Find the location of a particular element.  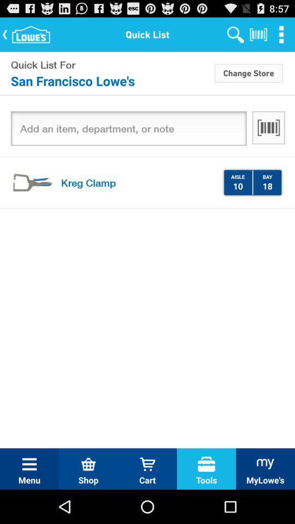

the item next to change store icon is located at coordinates (111, 80).